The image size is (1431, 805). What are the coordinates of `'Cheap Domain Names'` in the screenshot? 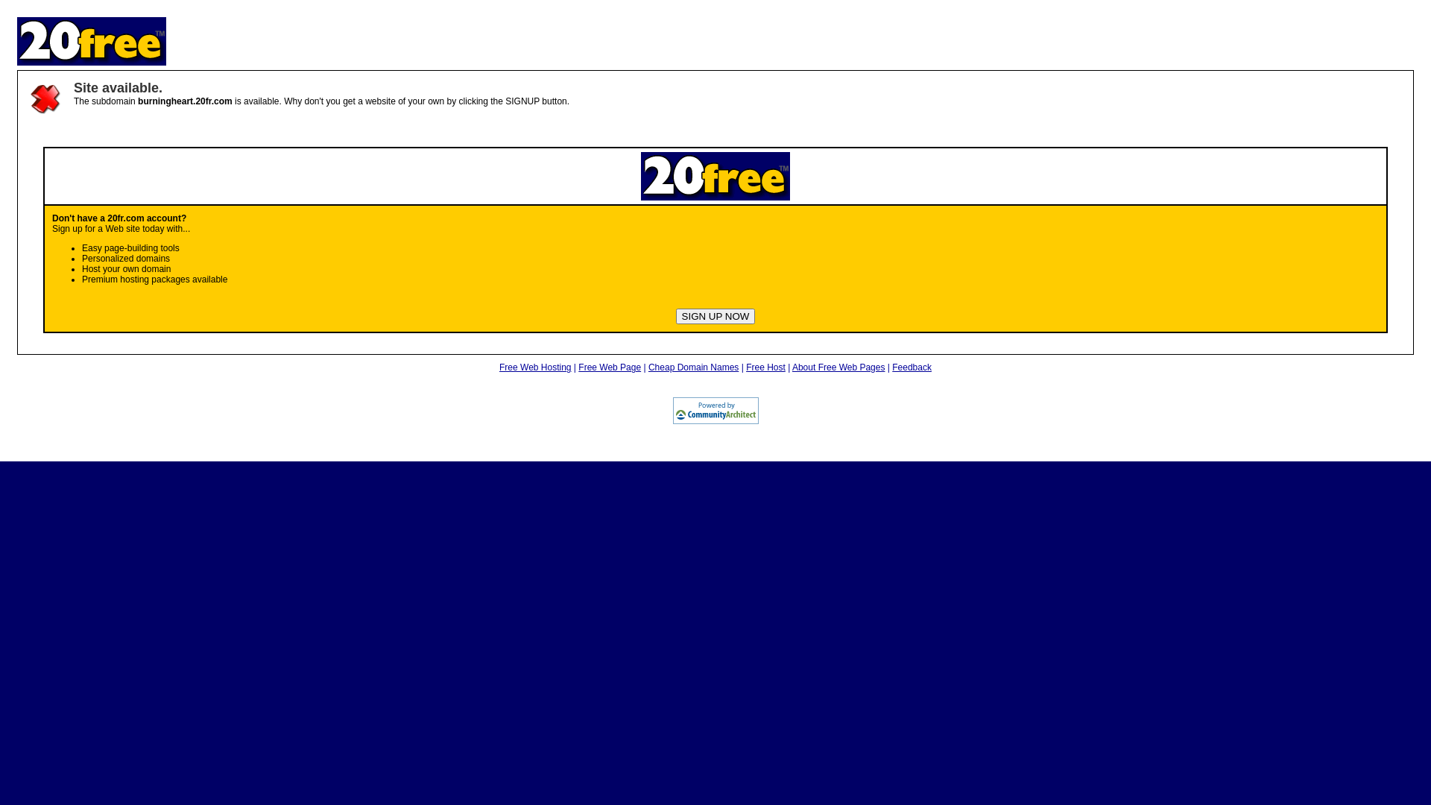 It's located at (648, 367).